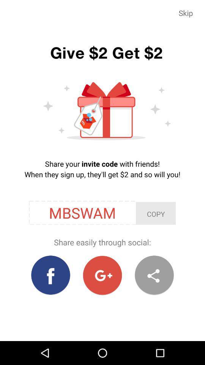 Image resolution: width=205 pixels, height=365 pixels. What do you see at coordinates (50, 275) in the screenshot?
I see `share invite code to facebook` at bounding box center [50, 275].